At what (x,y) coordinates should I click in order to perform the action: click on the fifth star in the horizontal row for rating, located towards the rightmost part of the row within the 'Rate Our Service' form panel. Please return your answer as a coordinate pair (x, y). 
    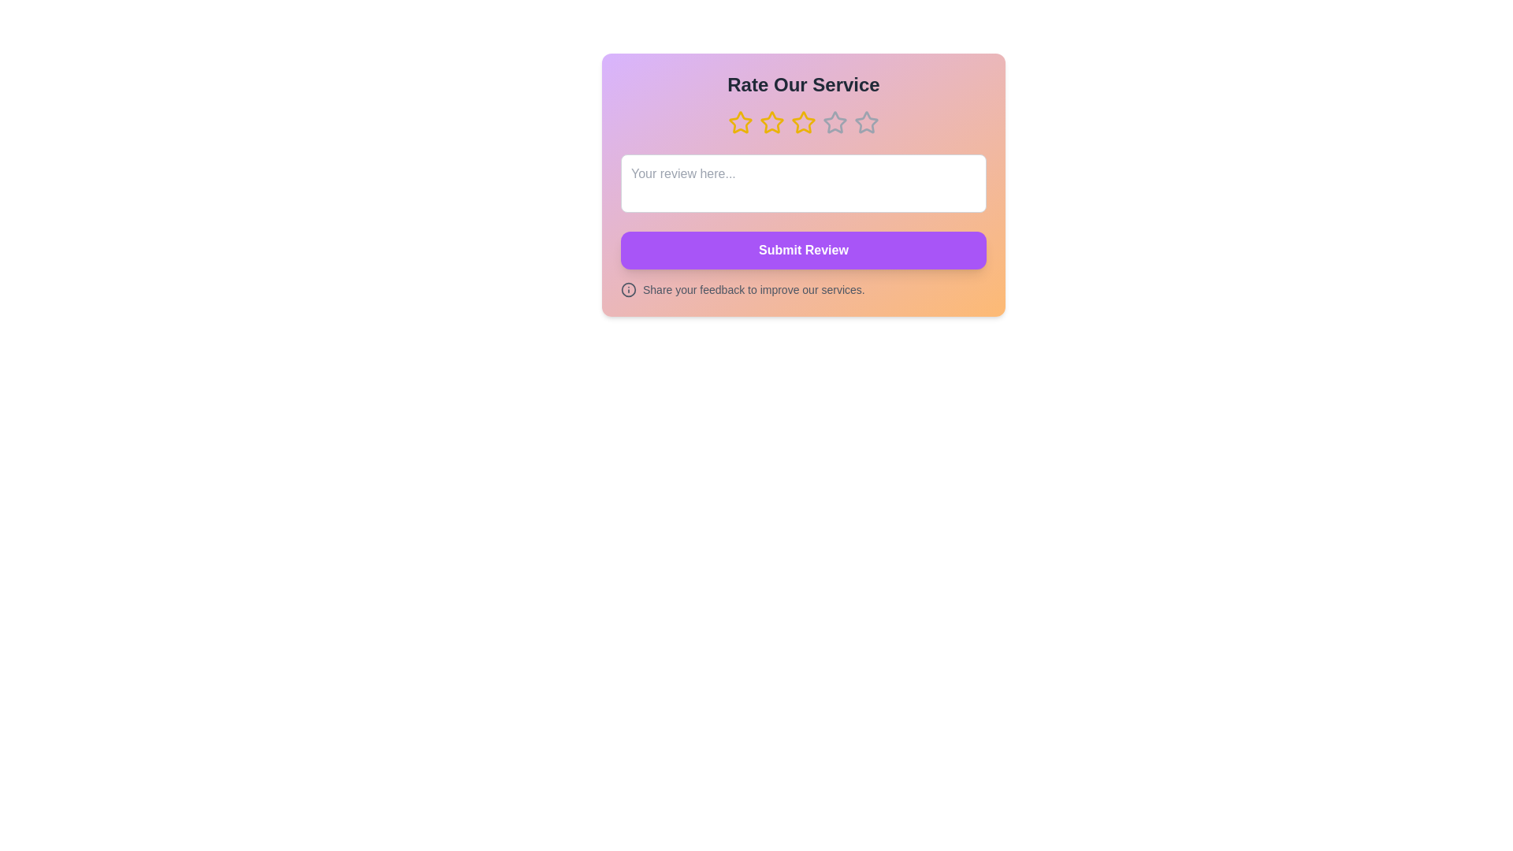
    Looking at the image, I should click on (865, 121).